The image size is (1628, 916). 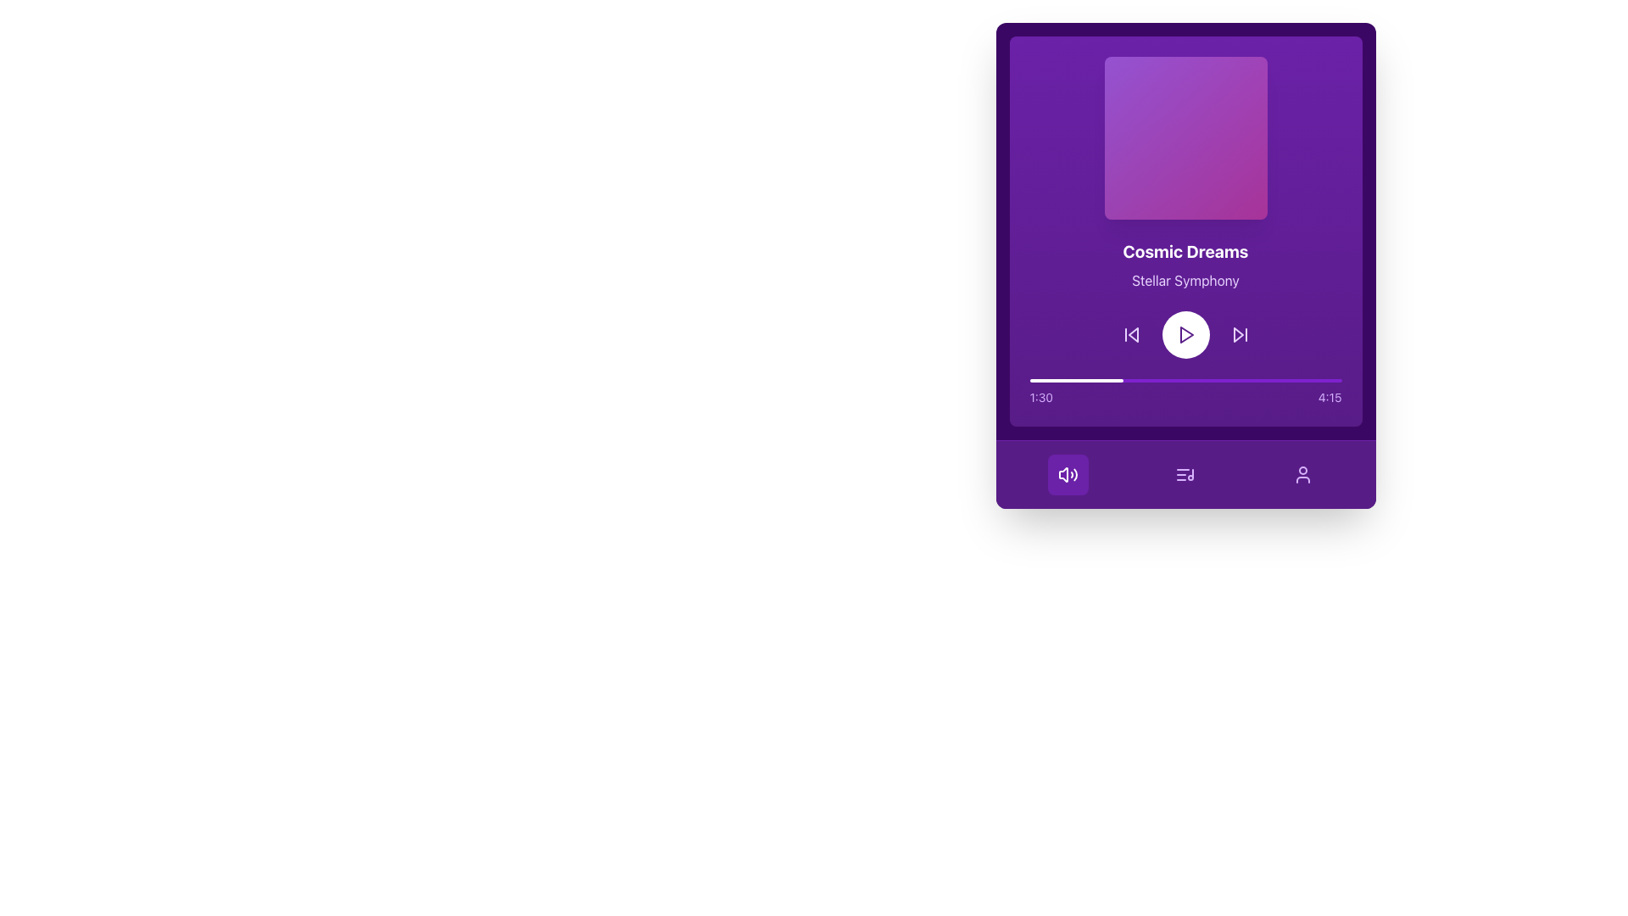 What do you see at coordinates (1185, 252) in the screenshot?
I see `the text label displaying the title of the currently playing track, which is located directly beneath the track's visual representation and above the subtitle 'Stellar Symphony'` at bounding box center [1185, 252].